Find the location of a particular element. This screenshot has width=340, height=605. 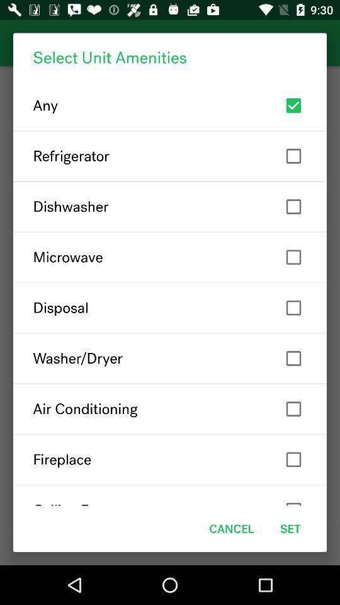

the icon to the right of the cancel item is located at coordinates (290, 529).